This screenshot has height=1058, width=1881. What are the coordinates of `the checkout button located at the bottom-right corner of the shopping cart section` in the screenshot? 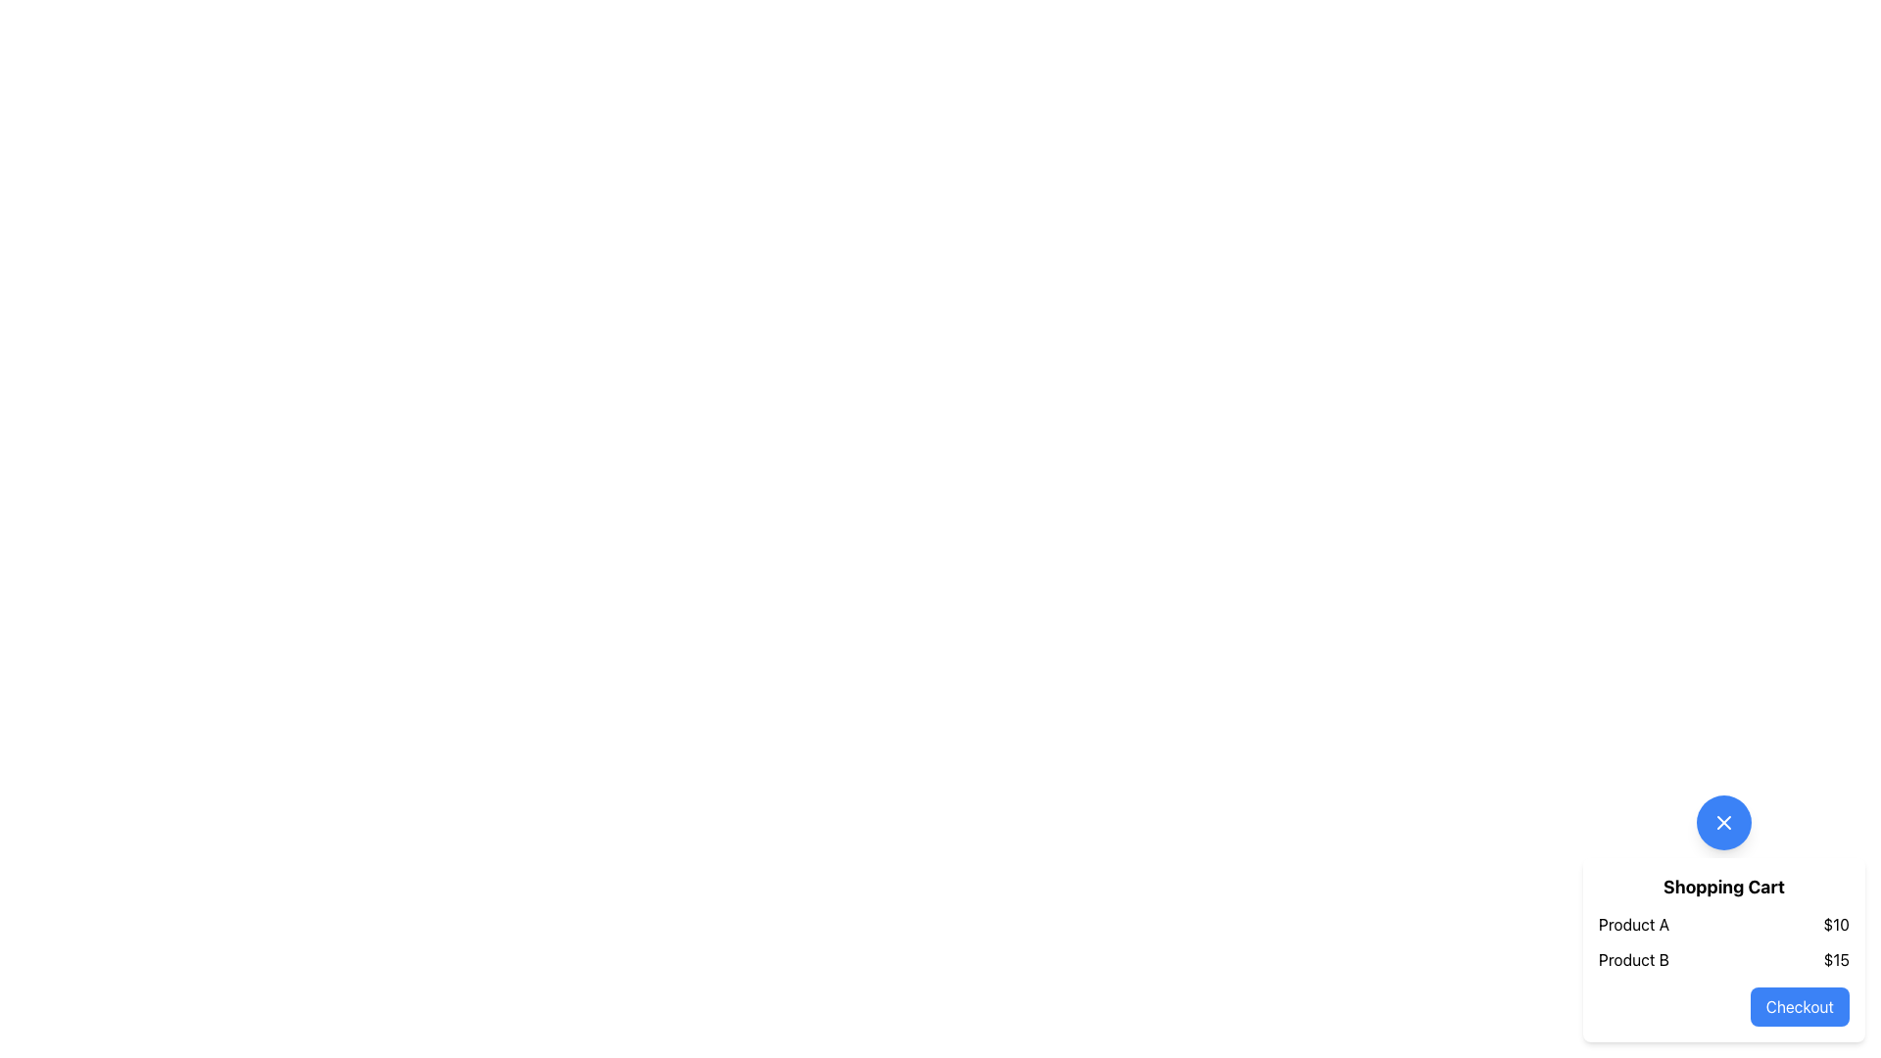 It's located at (1800, 1007).